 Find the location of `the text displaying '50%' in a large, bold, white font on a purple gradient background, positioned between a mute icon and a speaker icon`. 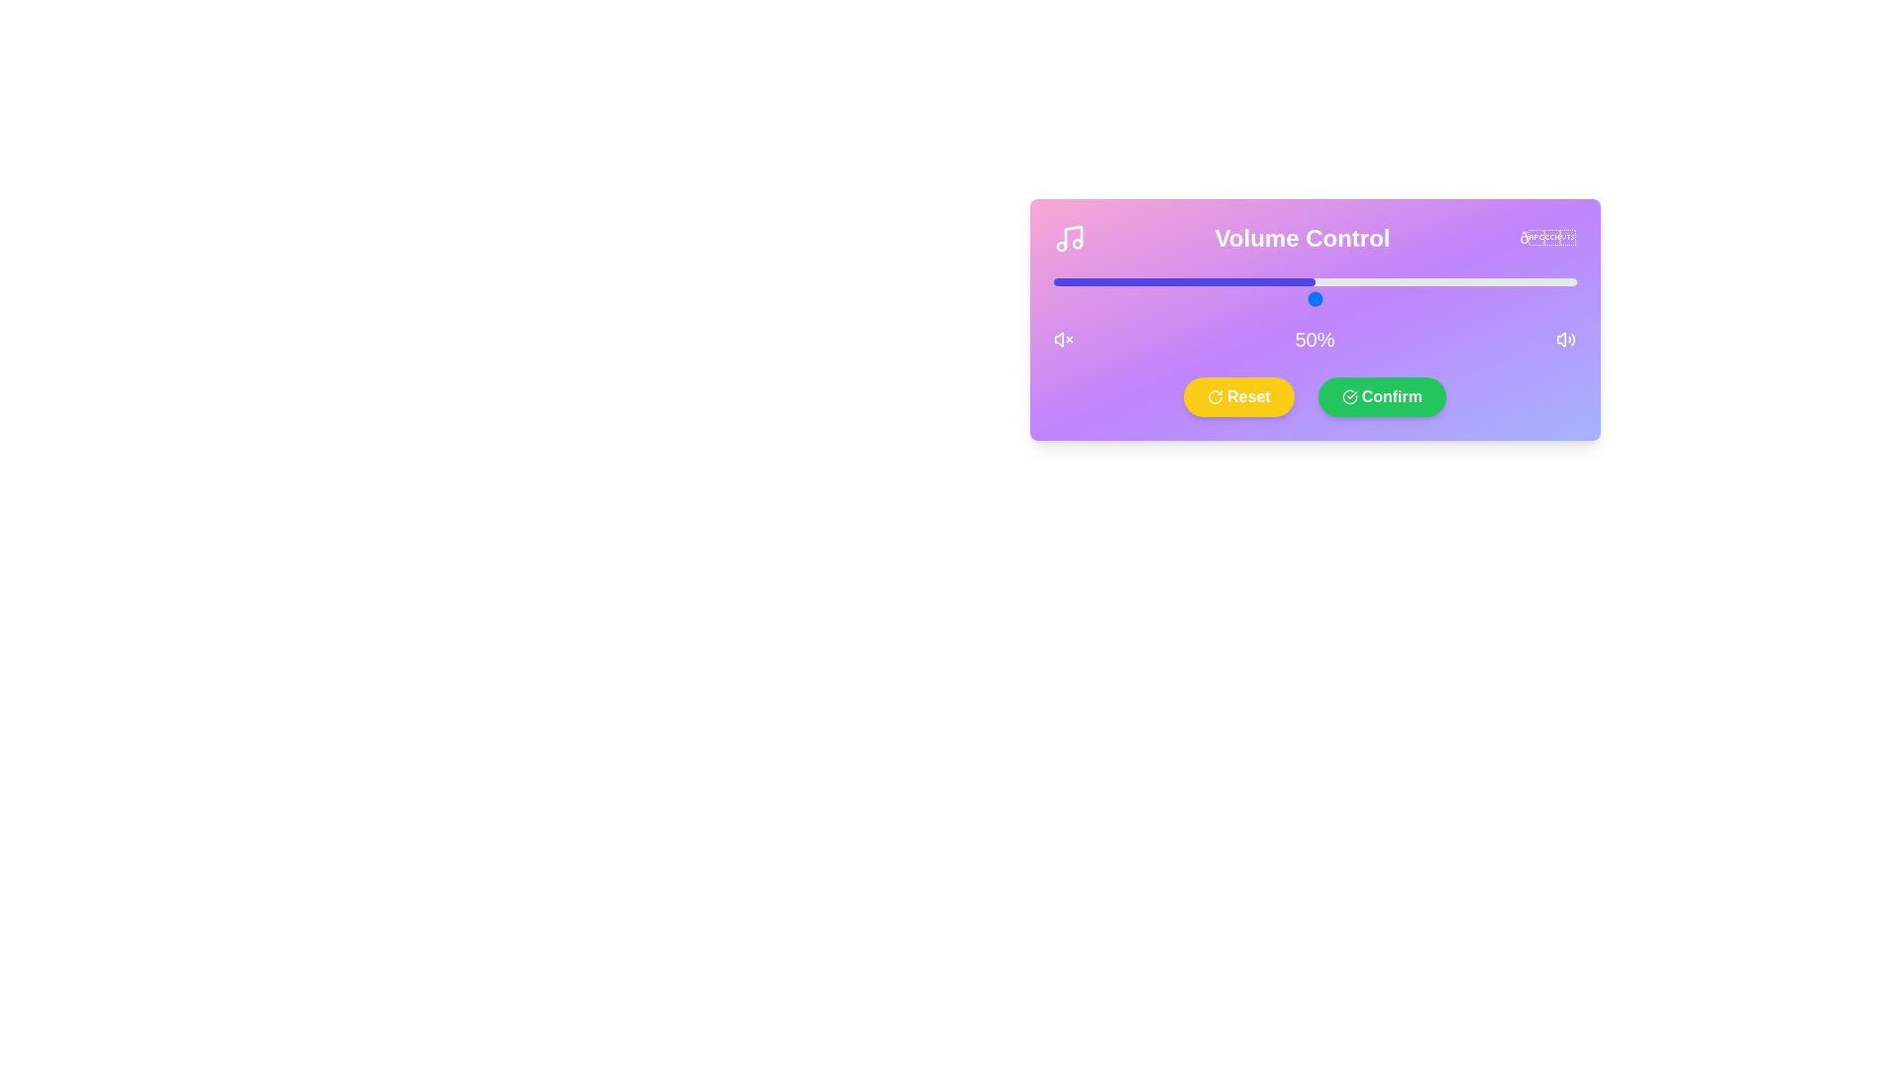

the text displaying '50%' in a large, bold, white font on a purple gradient background, positioned between a mute icon and a speaker icon is located at coordinates (1315, 339).